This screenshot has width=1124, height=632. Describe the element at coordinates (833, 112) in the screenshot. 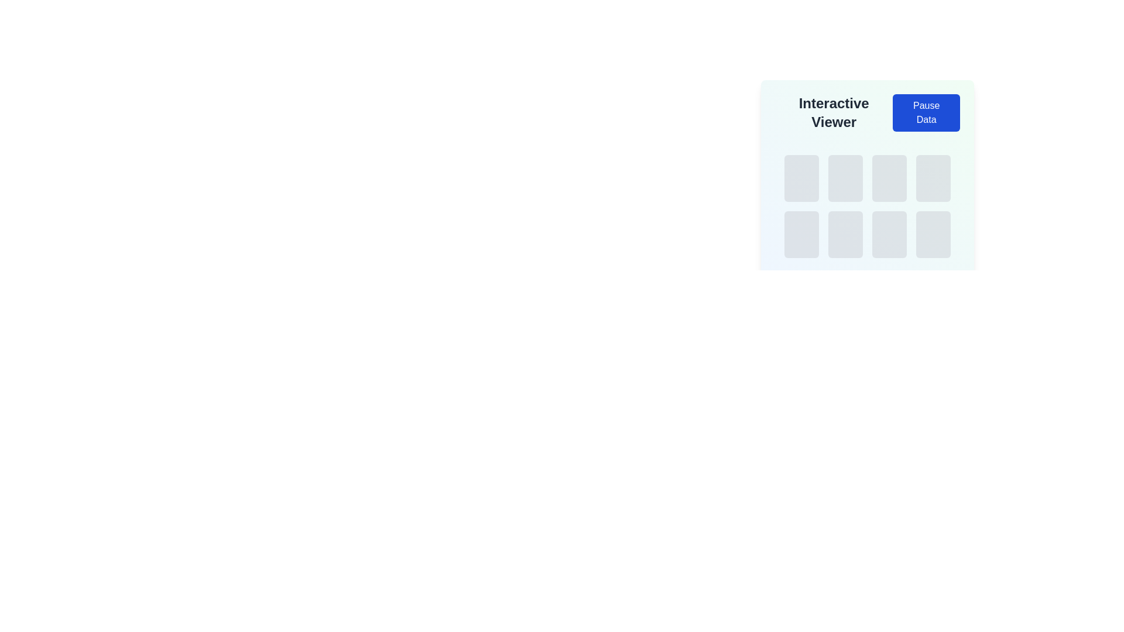

I see `the 'Interactive Viewer' text label, which is styled in bold, black text against a white background, located in the upper-left side of its section, adjacent to the 'Pause Data' button` at that location.